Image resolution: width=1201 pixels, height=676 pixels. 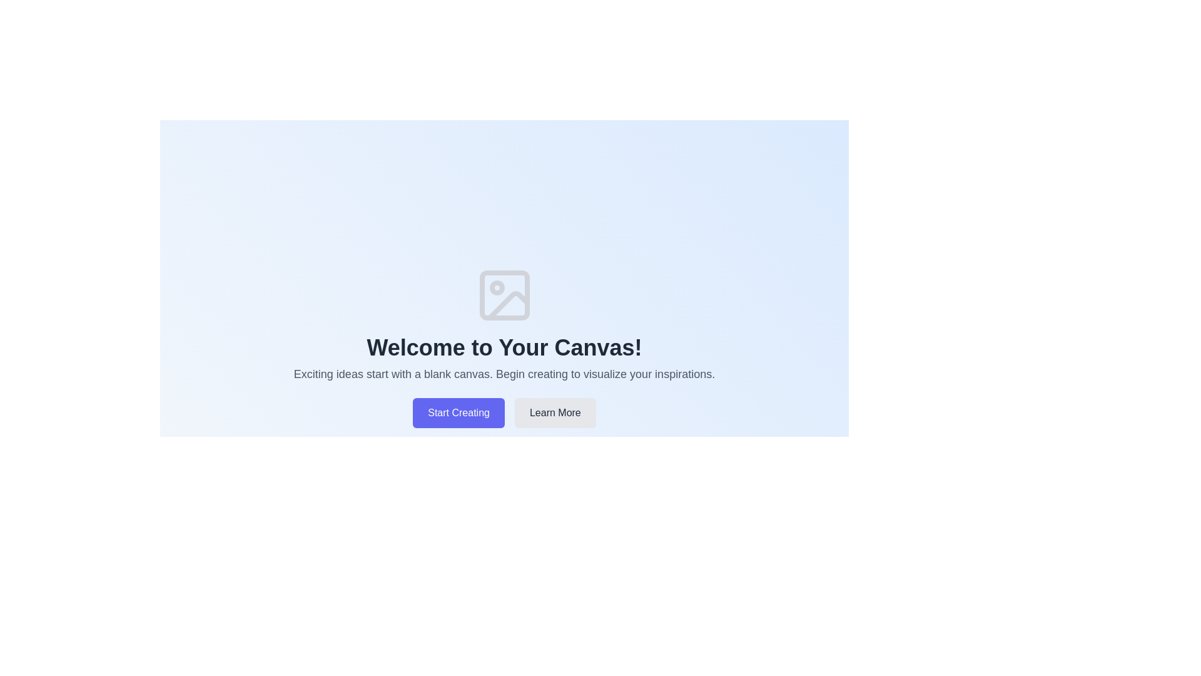 What do you see at coordinates (504, 373) in the screenshot?
I see `the descriptive text block that contains the message 'Exciting ideas start with a blank canvas. Begin creating to visualize your inspirations.' which is located below the heading 'Welcome to Your Canvas!' and above the buttons 'Start Creating' and 'Learn More'` at bounding box center [504, 373].